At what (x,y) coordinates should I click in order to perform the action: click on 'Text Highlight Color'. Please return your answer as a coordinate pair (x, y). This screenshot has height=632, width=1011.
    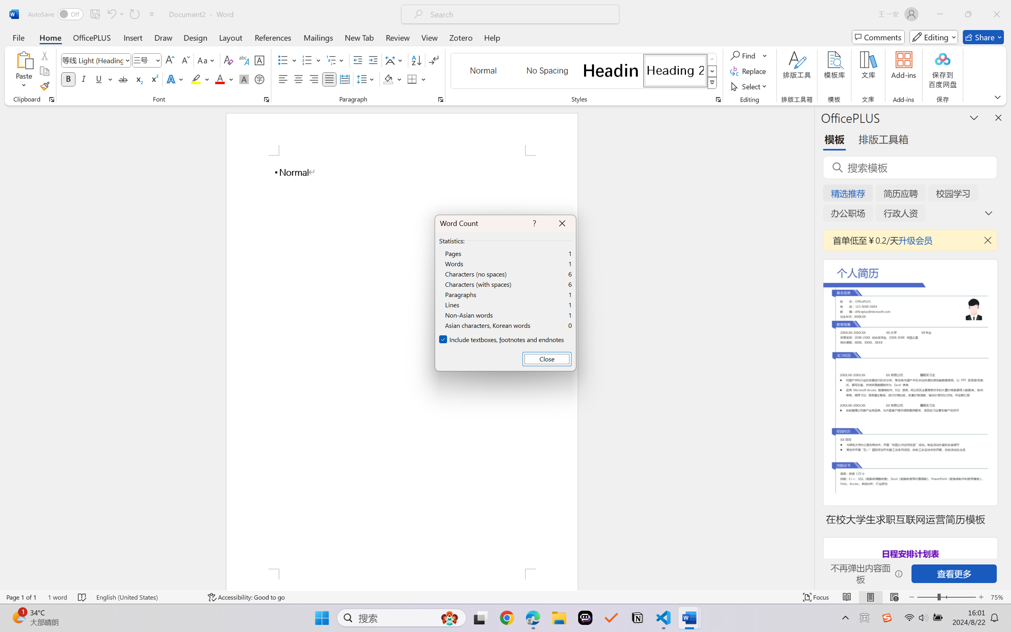
    Looking at the image, I should click on (199, 79).